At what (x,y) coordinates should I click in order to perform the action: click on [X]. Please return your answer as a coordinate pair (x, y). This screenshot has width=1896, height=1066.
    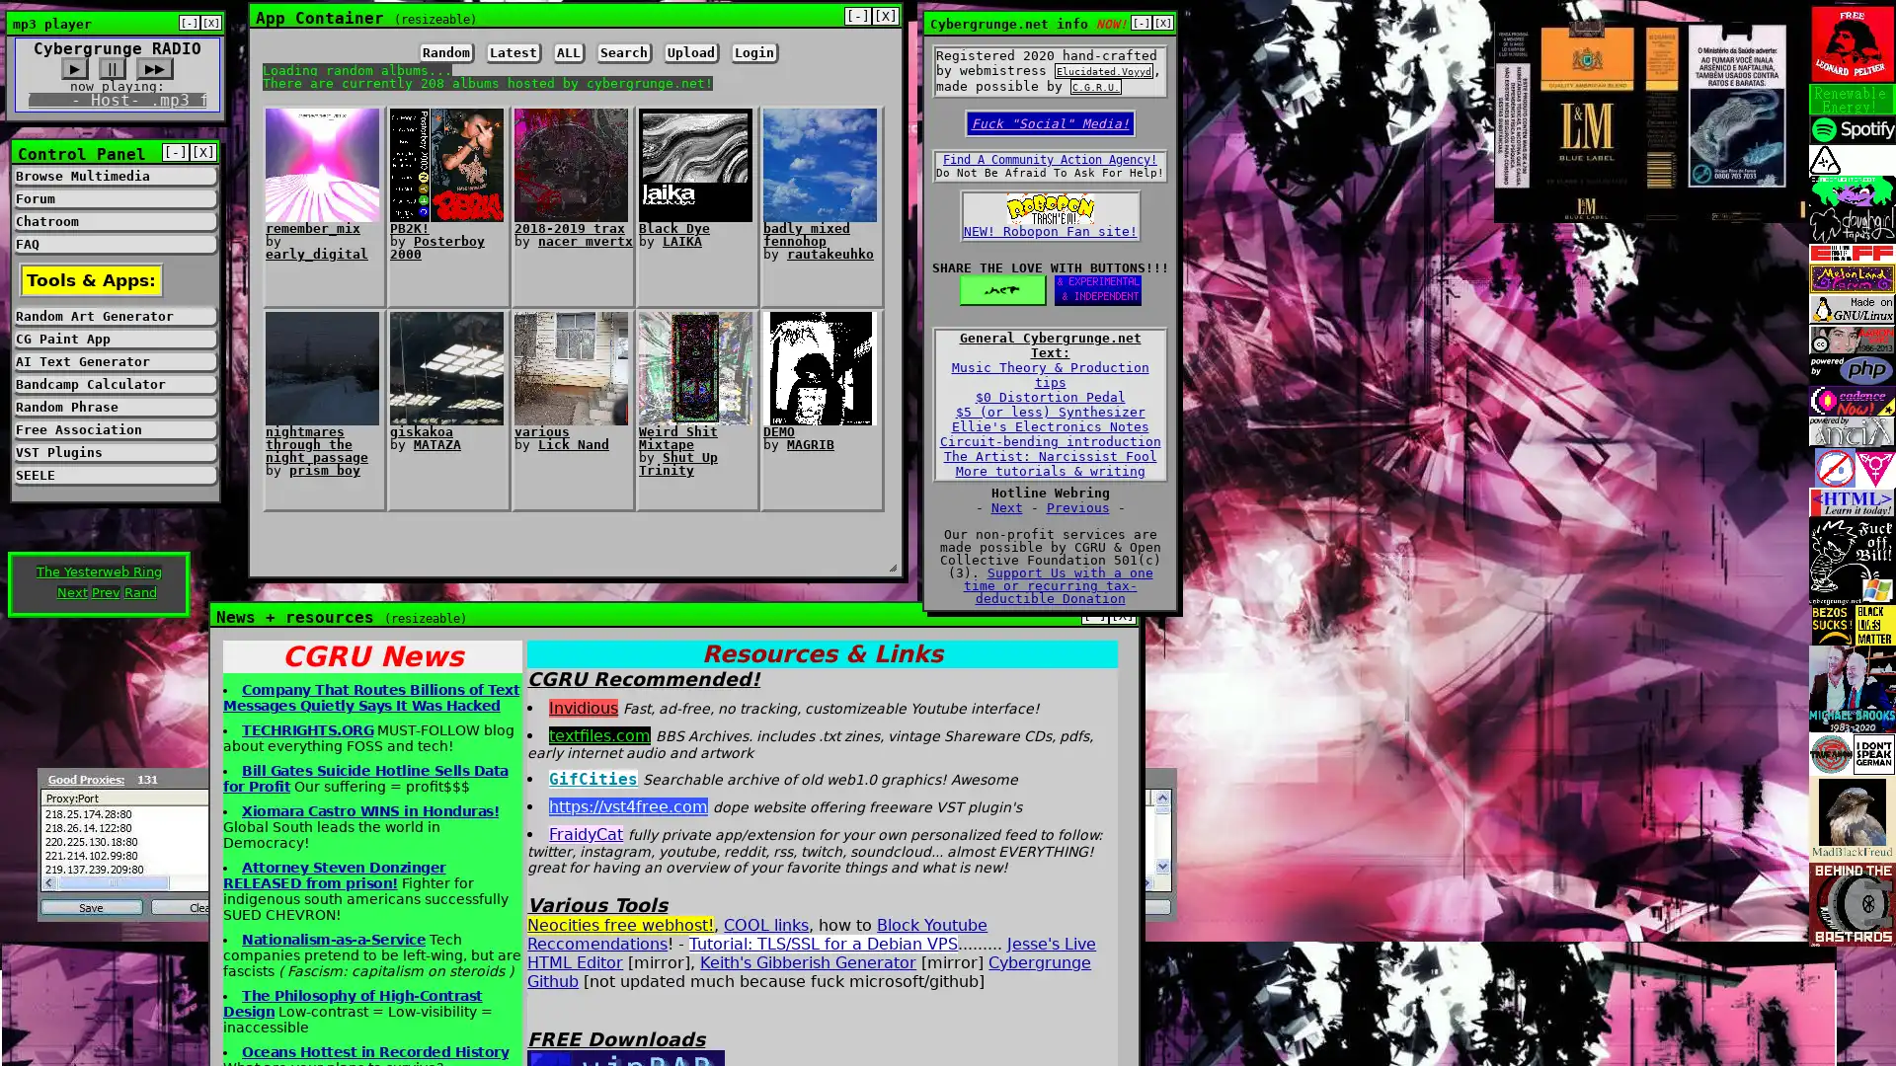
    Looking at the image, I should click on (1123, 614).